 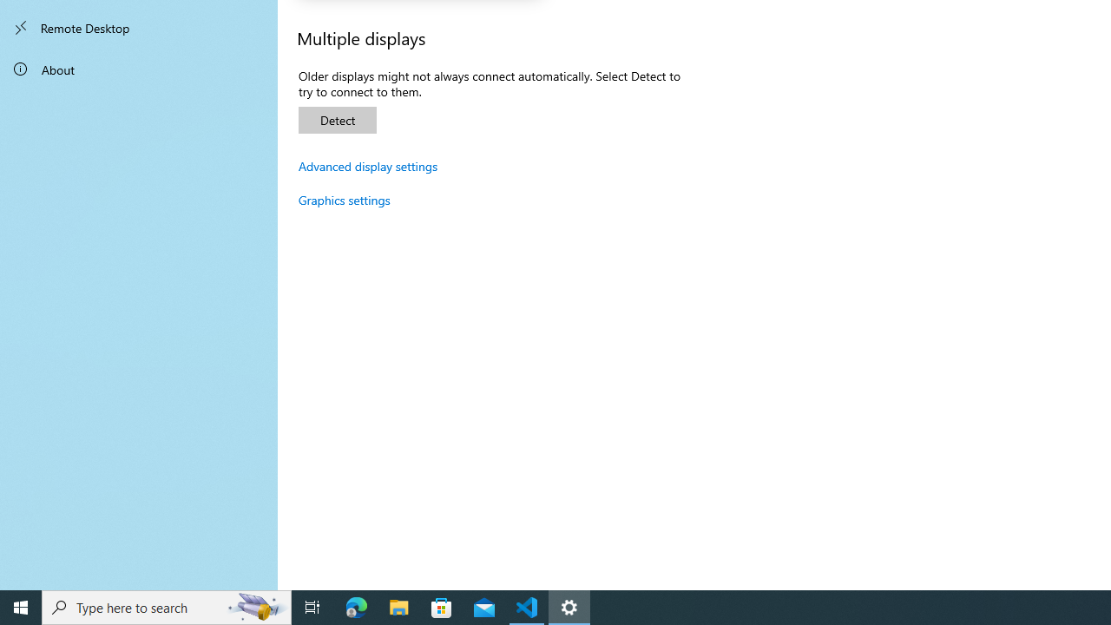 I want to click on 'Advanced display settings', so click(x=367, y=166).